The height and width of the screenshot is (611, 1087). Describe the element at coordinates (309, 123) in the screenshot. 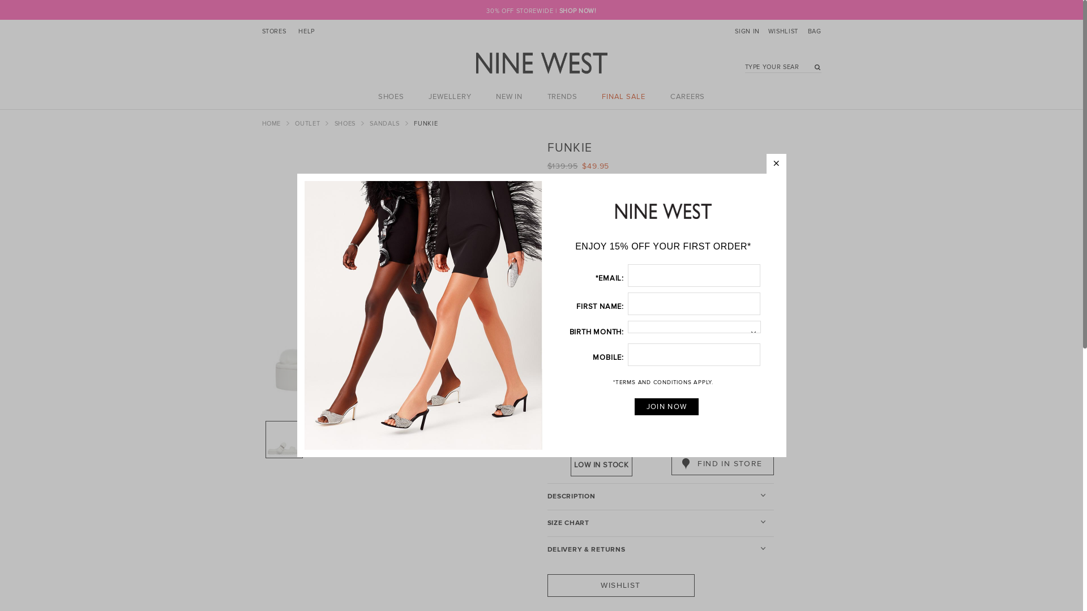

I see `'OUTLET'` at that location.